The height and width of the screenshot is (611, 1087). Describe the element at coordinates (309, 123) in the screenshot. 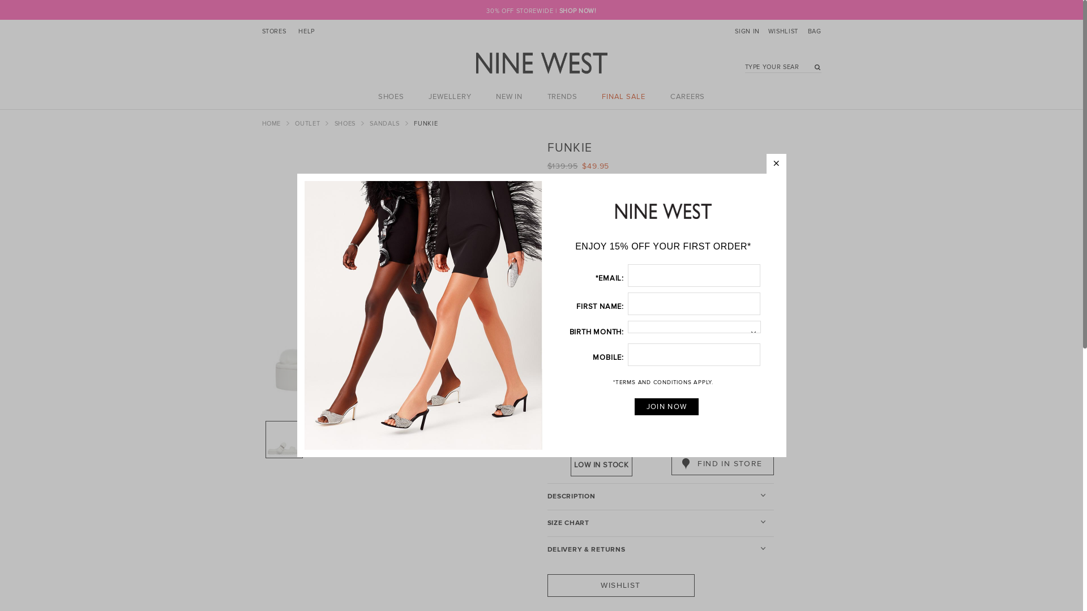

I see `'OUTLET'` at that location.